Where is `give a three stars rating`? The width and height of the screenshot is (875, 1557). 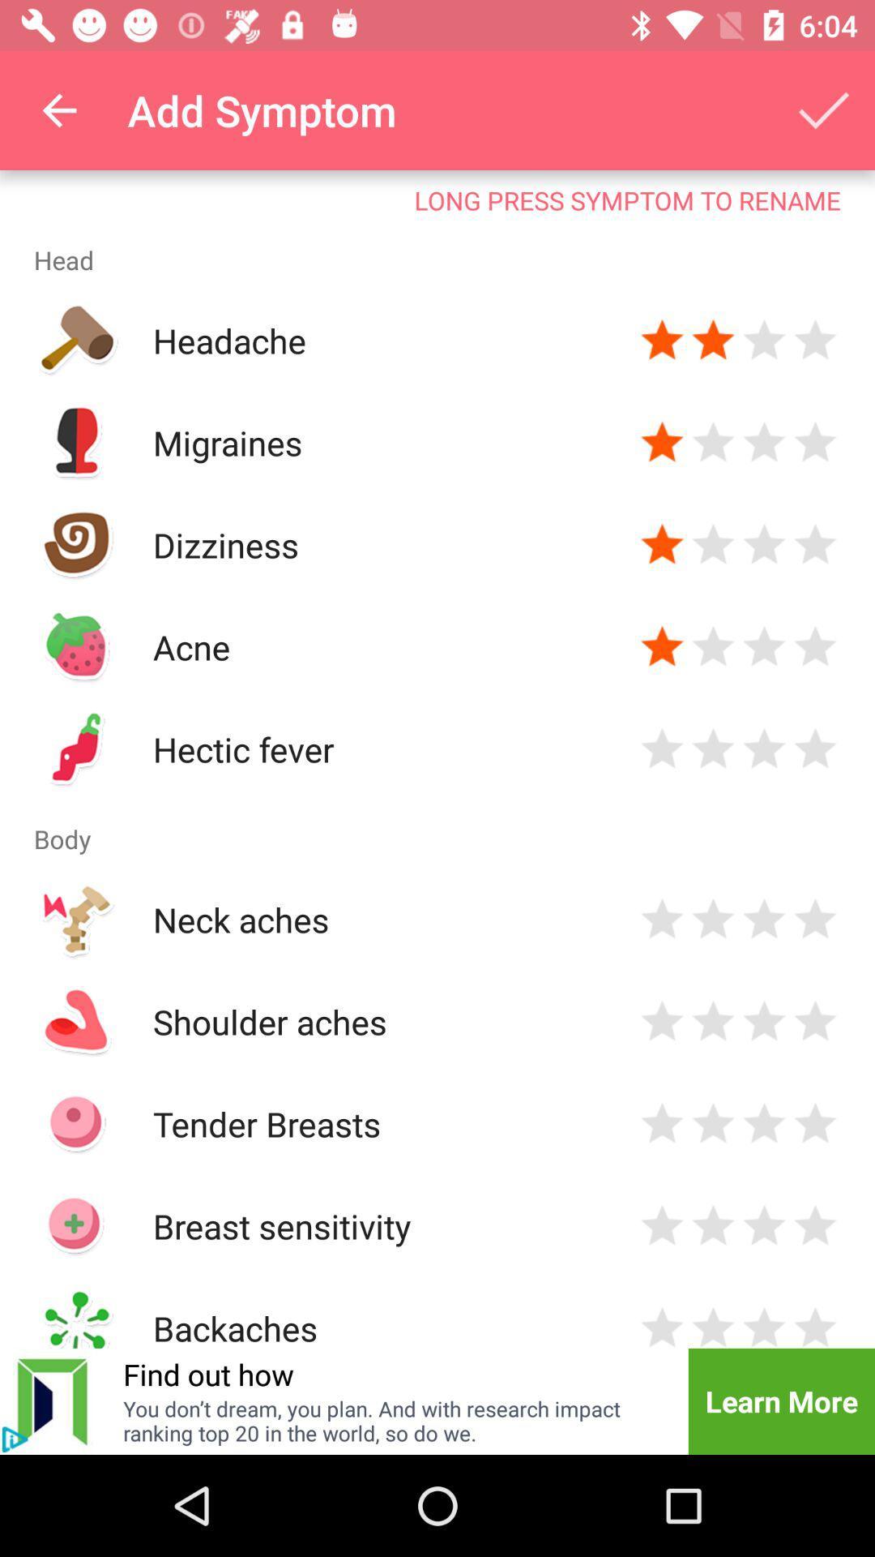
give a three stars rating is located at coordinates (764, 1020).